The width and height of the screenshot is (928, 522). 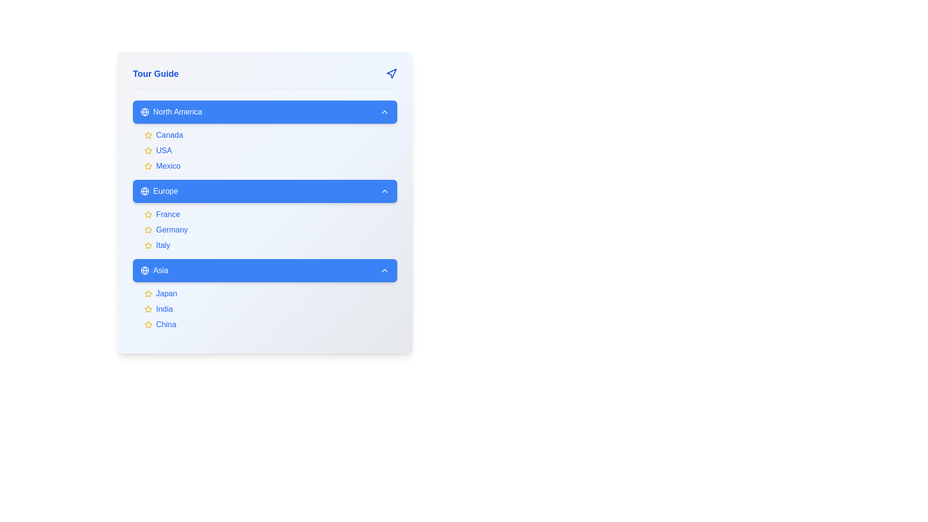 I want to click on the second star icon located to the left of the text 'Germany' in the 'Europe' section of the 'Tour Guide' interface, so click(x=148, y=230).